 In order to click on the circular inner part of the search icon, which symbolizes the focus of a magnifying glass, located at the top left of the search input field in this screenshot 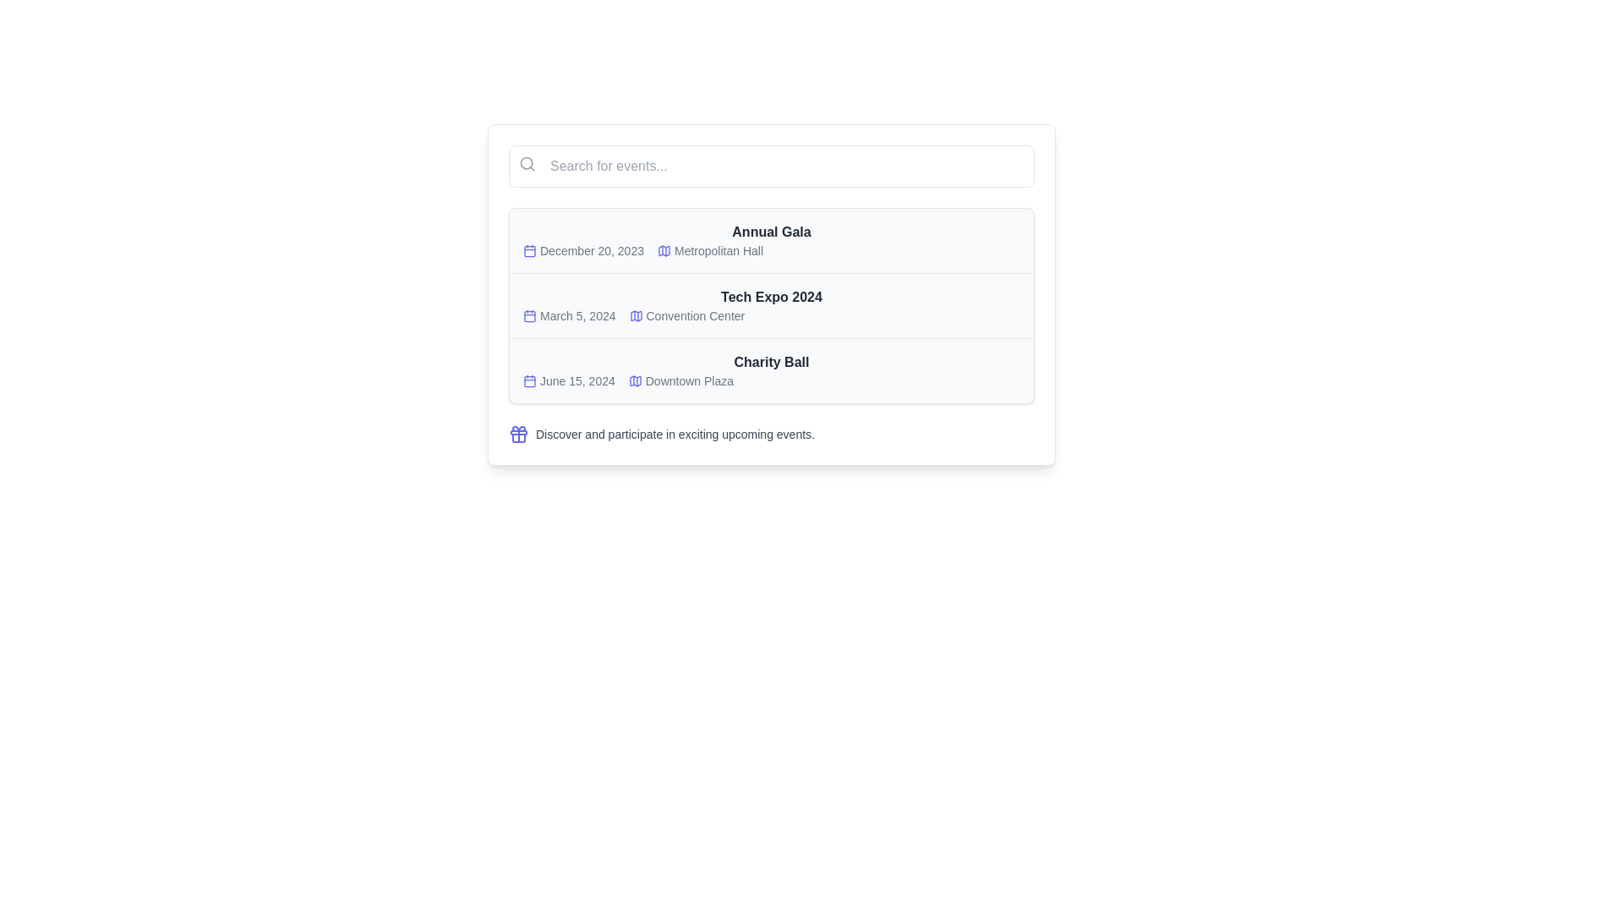, I will do `click(526, 163)`.